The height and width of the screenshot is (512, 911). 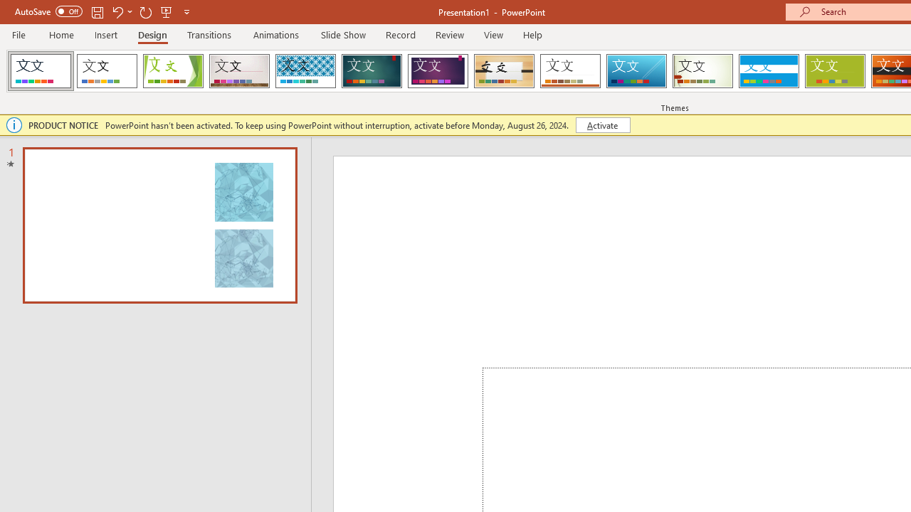 What do you see at coordinates (102, 11) in the screenshot?
I see `'Quick Access Toolbar'` at bounding box center [102, 11].